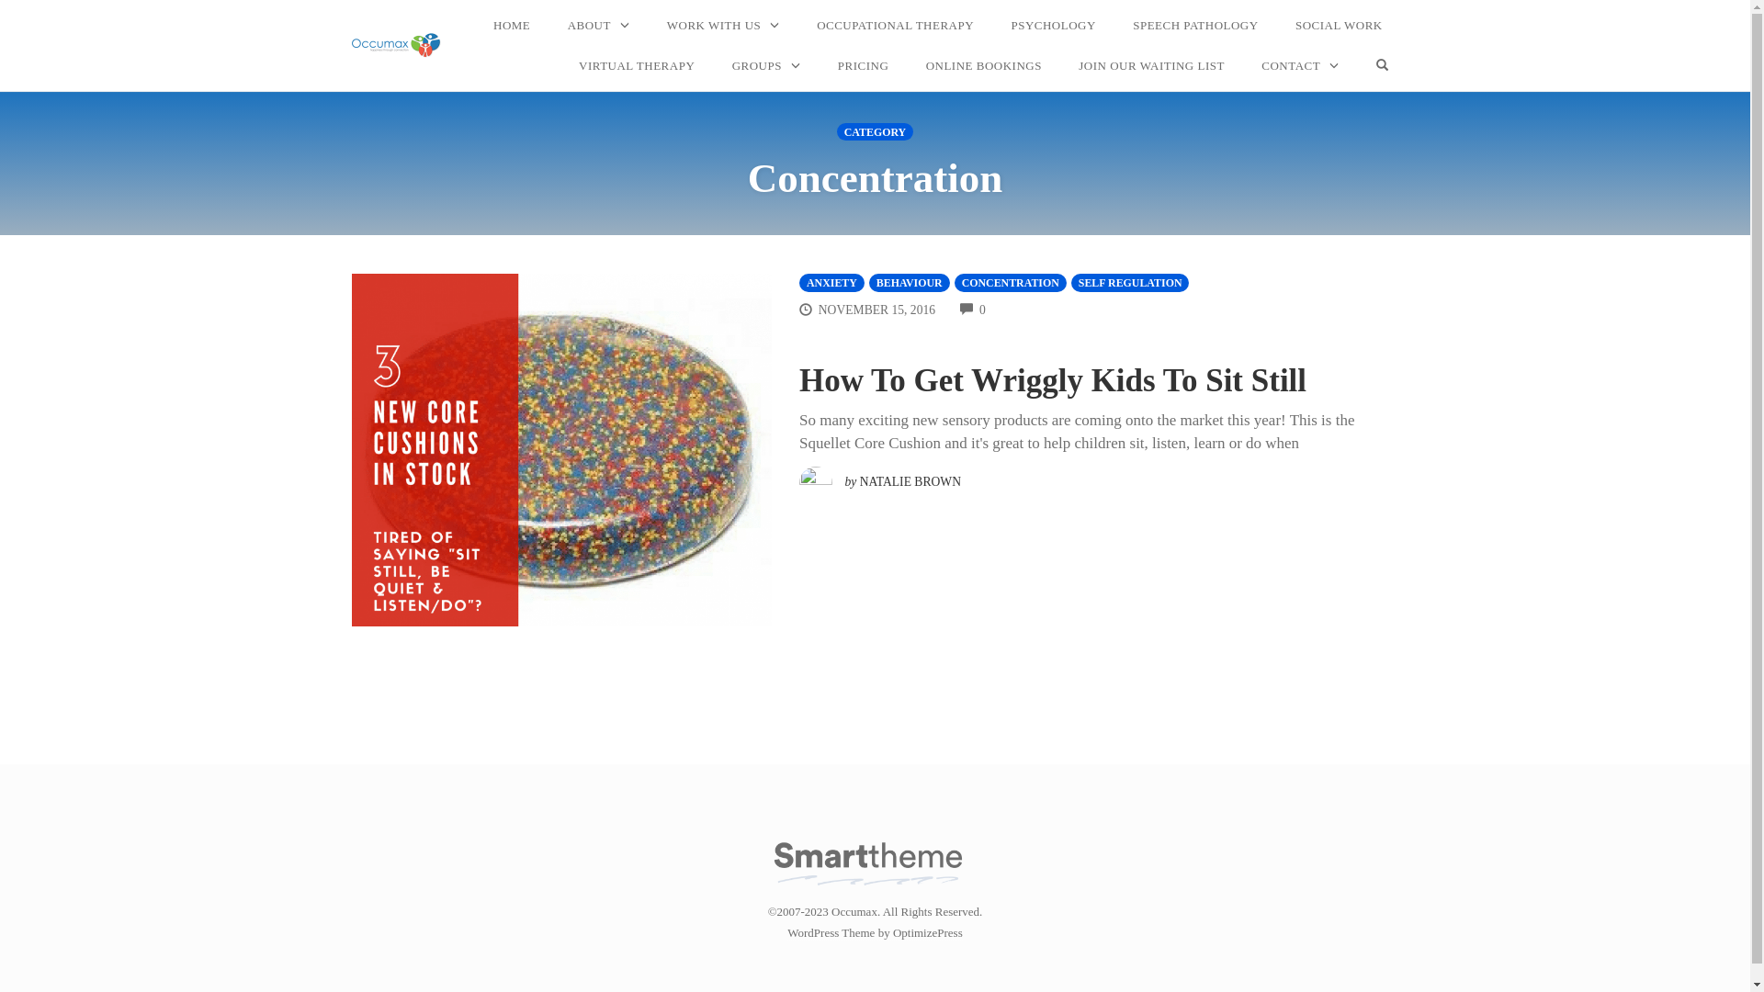 This screenshot has width=1764, height=992. Describe the element at coordinates (1009, 282) in the screenshot. I see `'CONCENTRATION'` at that location.